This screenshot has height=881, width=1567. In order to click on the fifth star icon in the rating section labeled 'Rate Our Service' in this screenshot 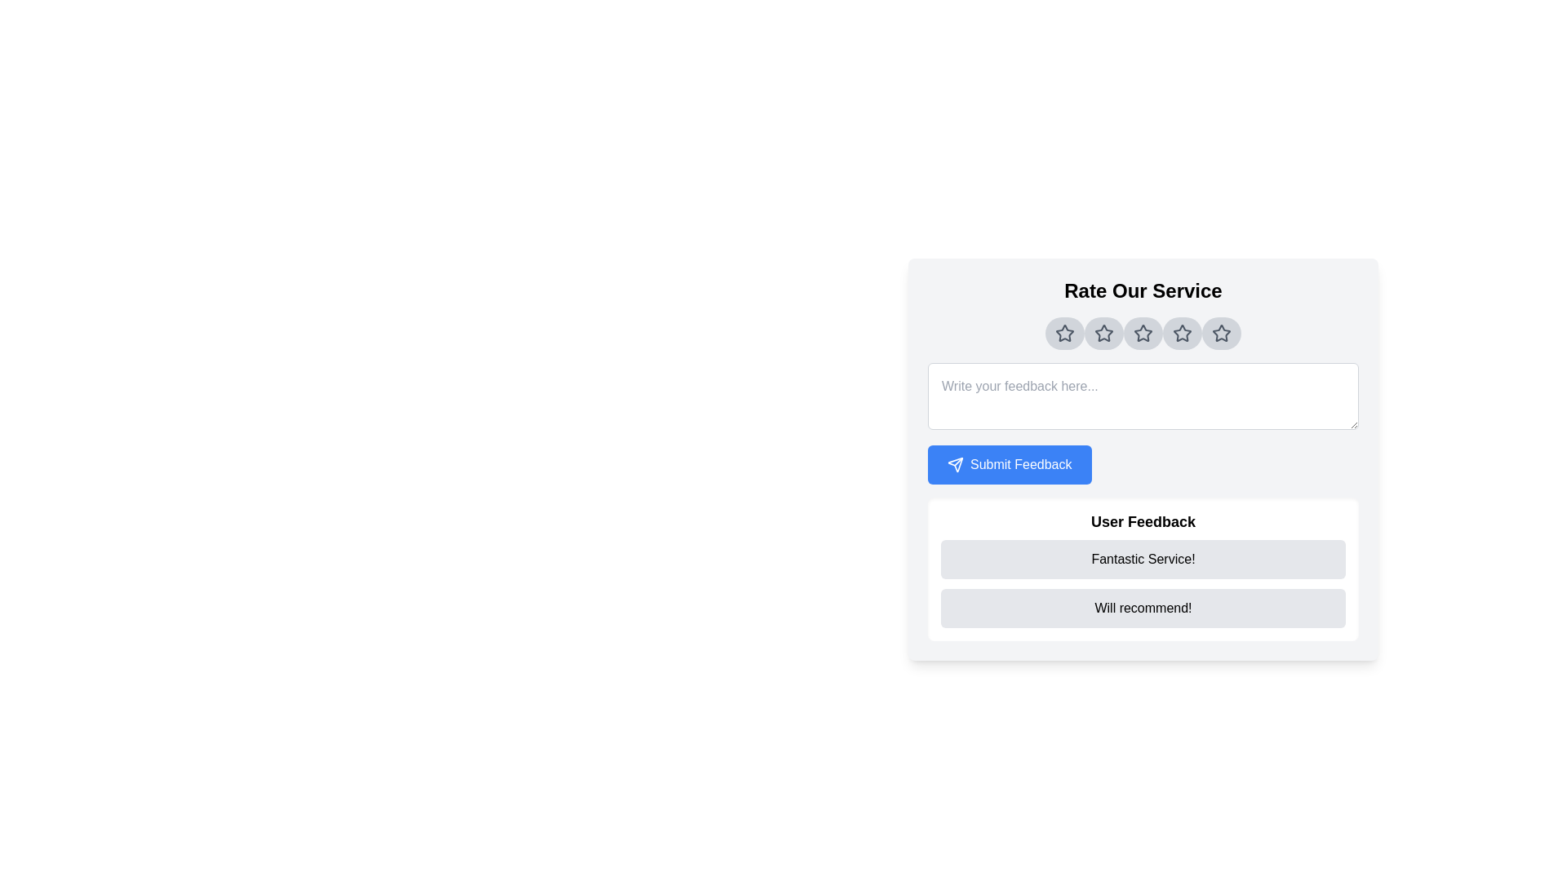, I will do `click(1222, 332)`.